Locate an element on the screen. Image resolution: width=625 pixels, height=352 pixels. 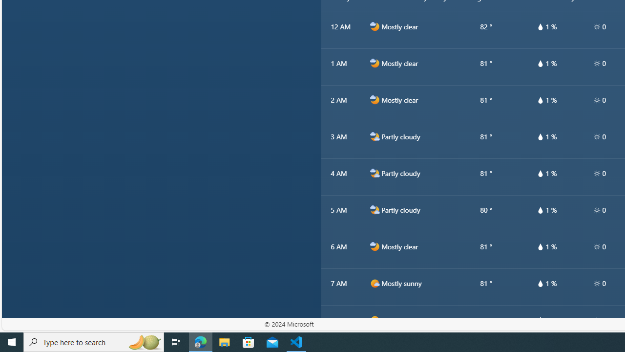
'hourlyTable/drop' is located at coordinates (540, 320).